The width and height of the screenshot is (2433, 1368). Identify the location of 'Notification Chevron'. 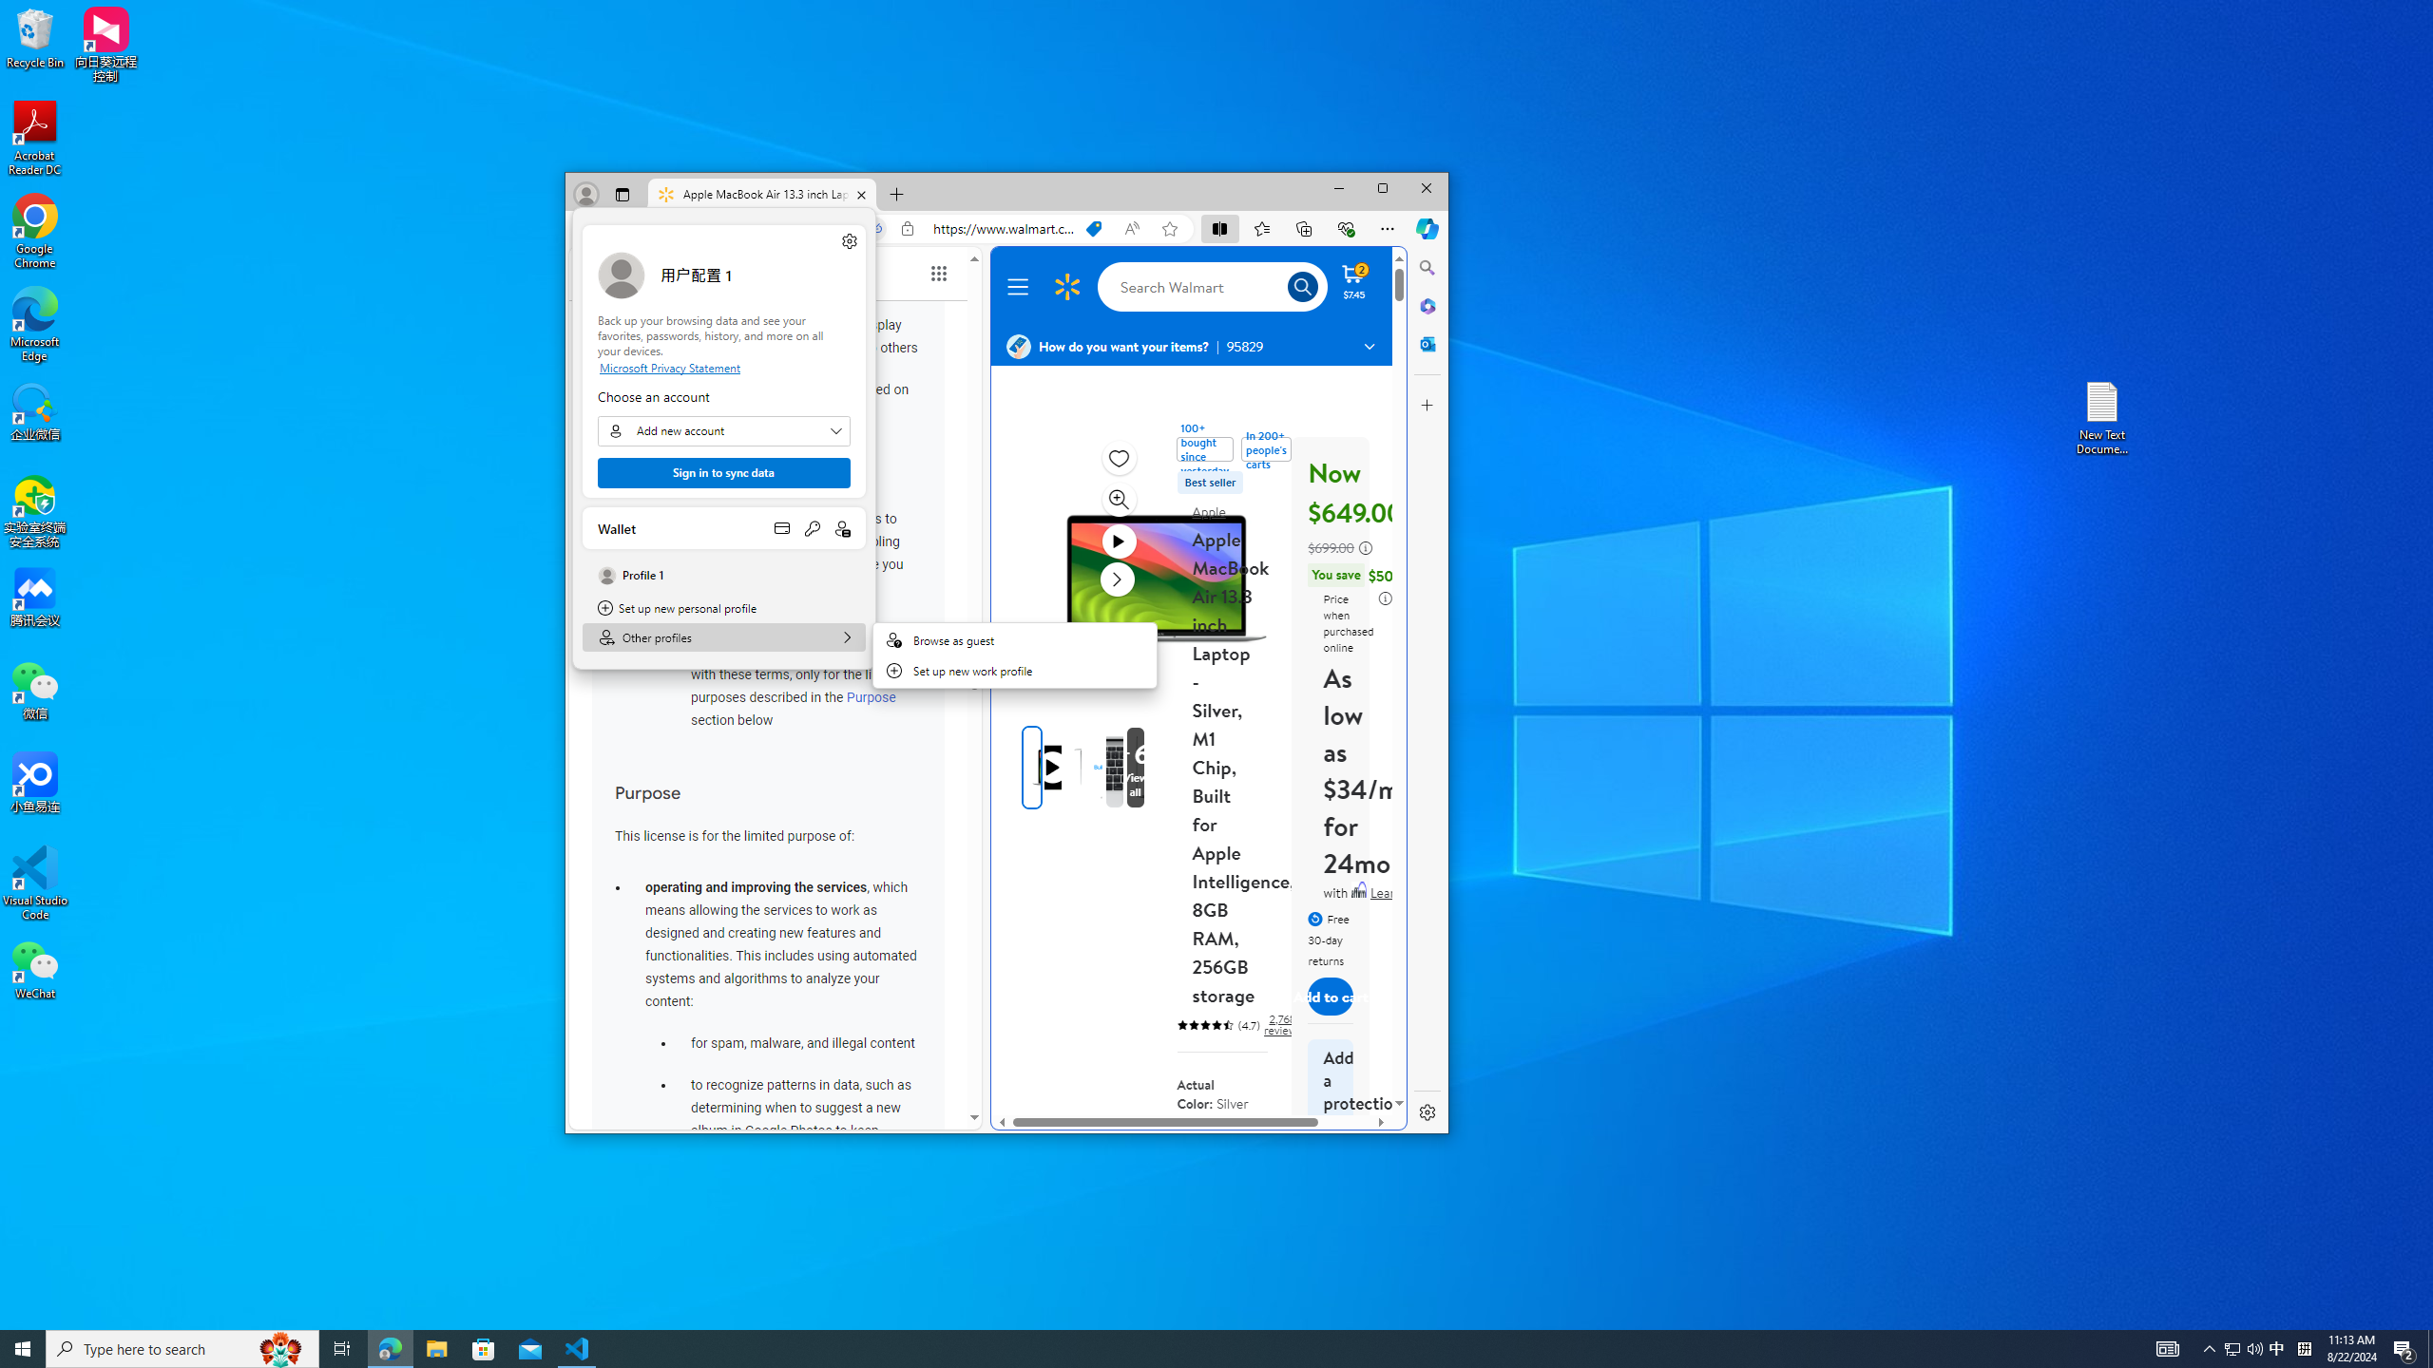
(2209, 1347).